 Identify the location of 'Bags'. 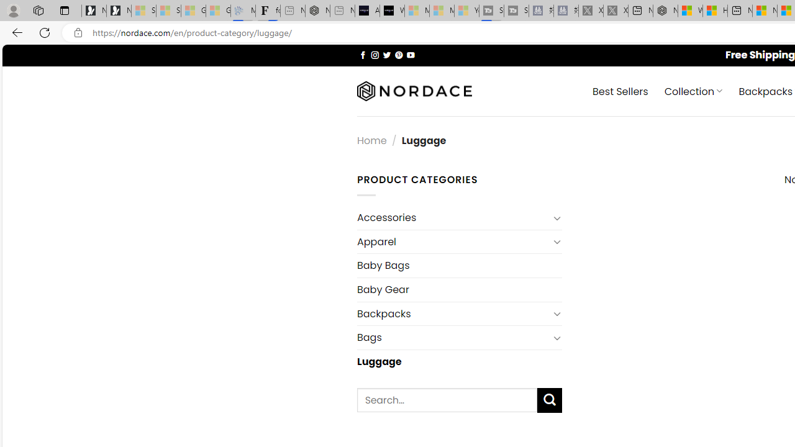
(452, 337).